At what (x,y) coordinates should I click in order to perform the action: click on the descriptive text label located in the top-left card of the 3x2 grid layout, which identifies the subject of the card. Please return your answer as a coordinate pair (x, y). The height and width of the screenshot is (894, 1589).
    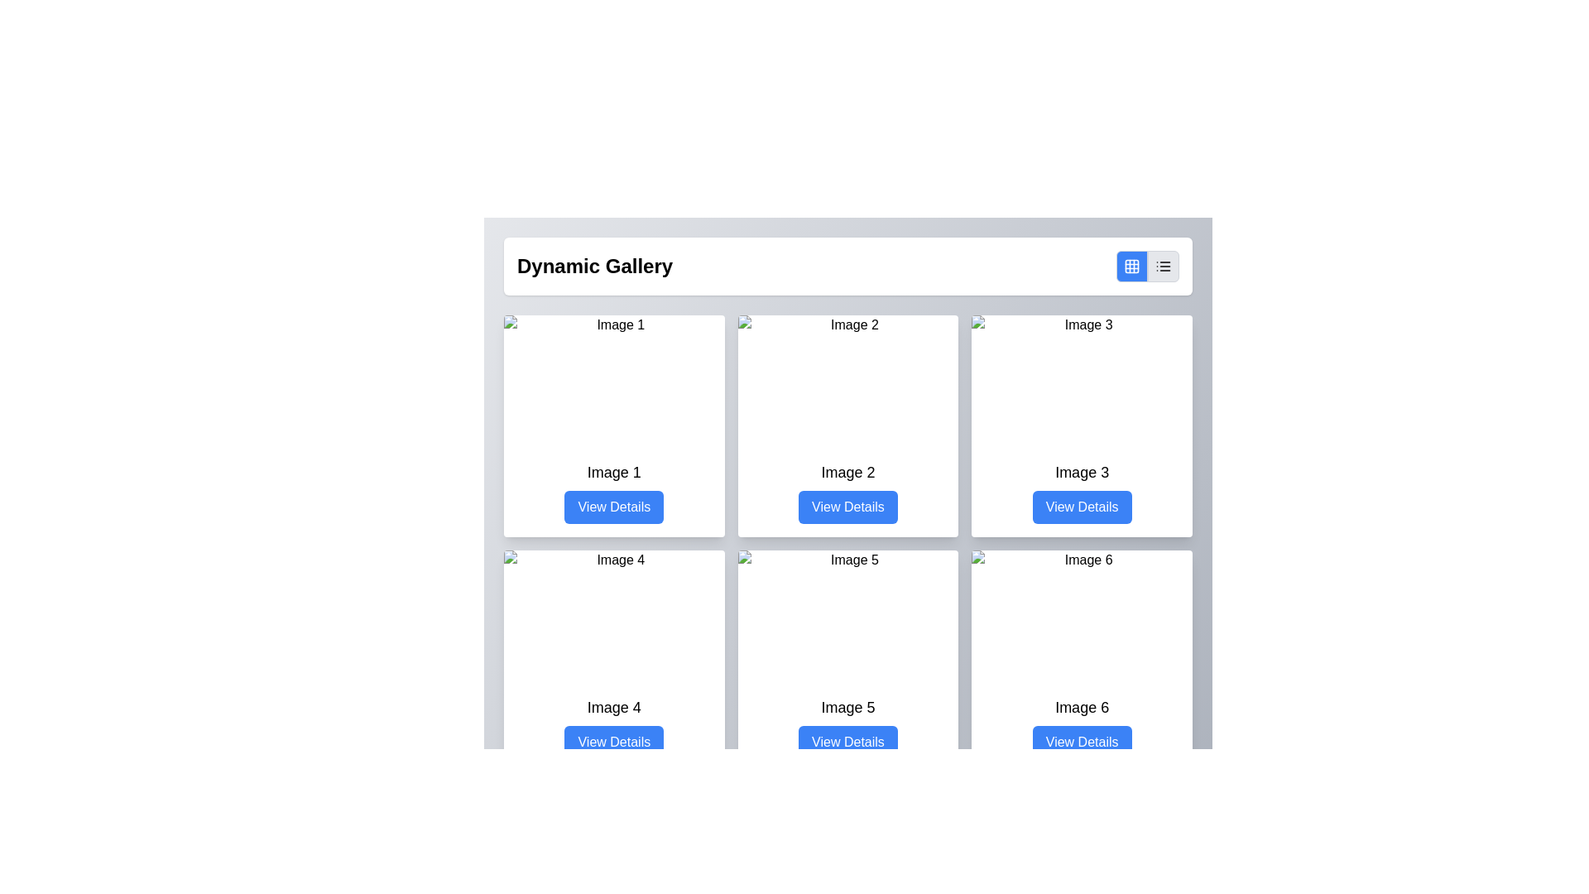
    Looking at the image, I should click on (613, 472).